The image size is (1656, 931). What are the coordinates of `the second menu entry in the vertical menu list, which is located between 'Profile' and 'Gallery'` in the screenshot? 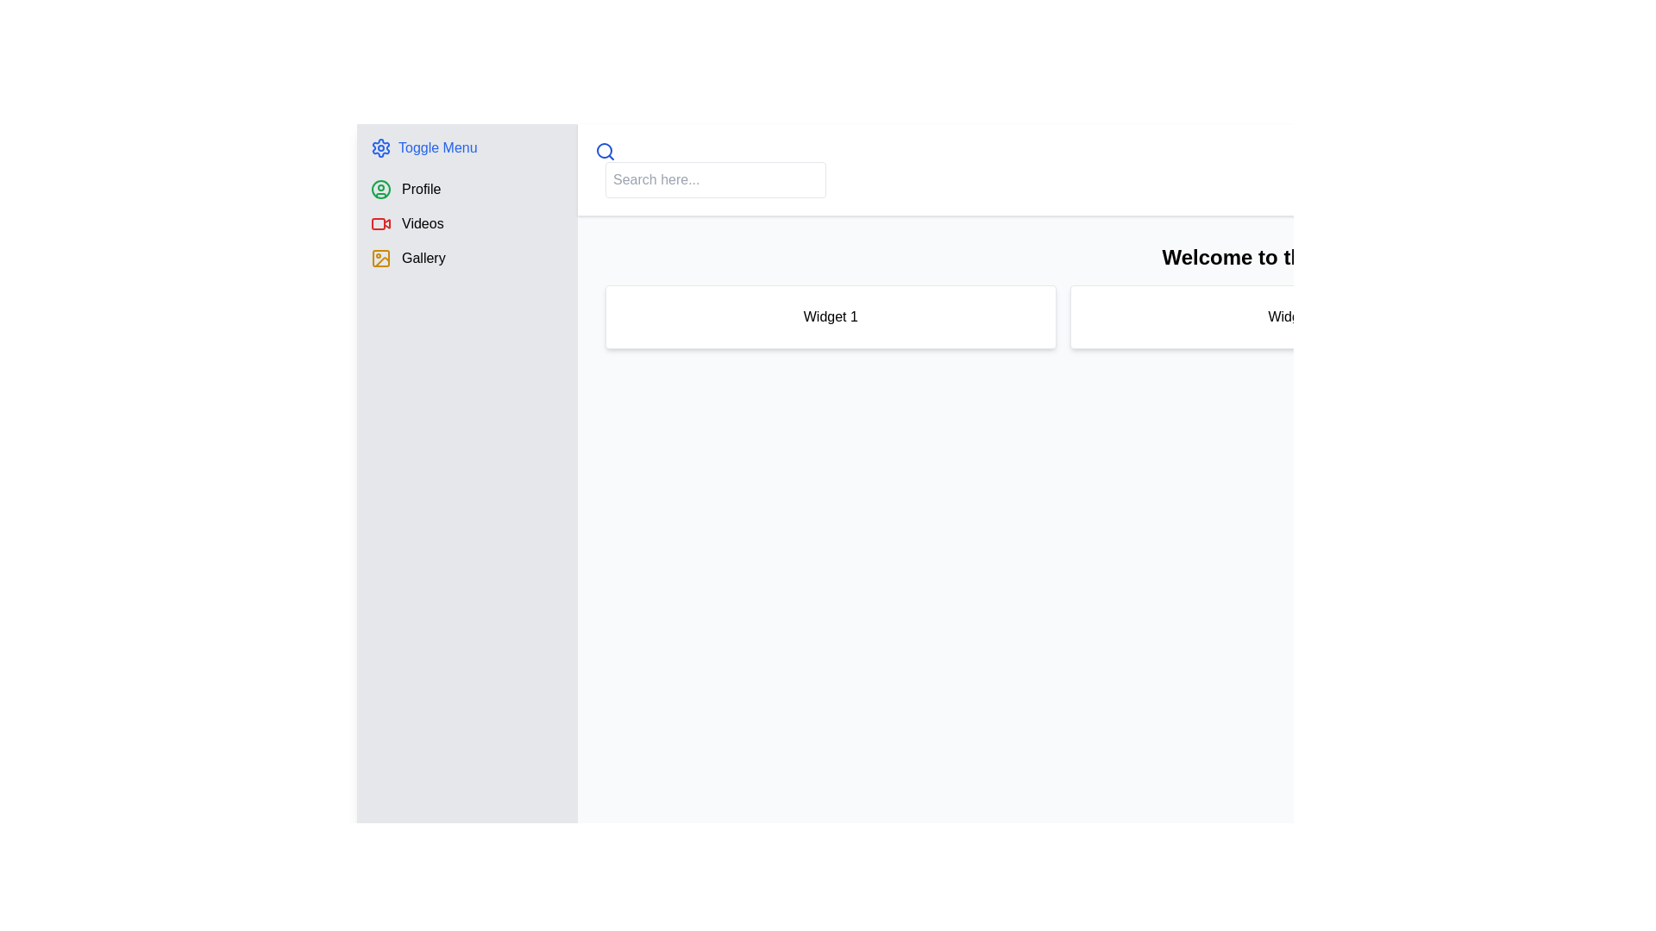 It's located at (467, 222).